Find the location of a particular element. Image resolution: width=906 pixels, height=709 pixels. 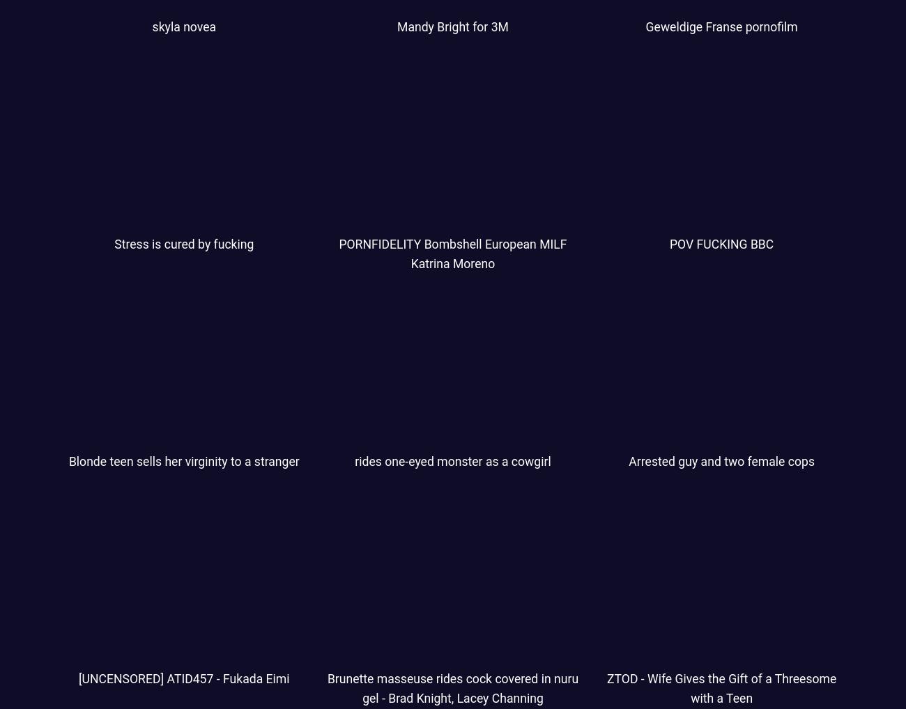

'skyla novea' is located at coordinates (183, 26).